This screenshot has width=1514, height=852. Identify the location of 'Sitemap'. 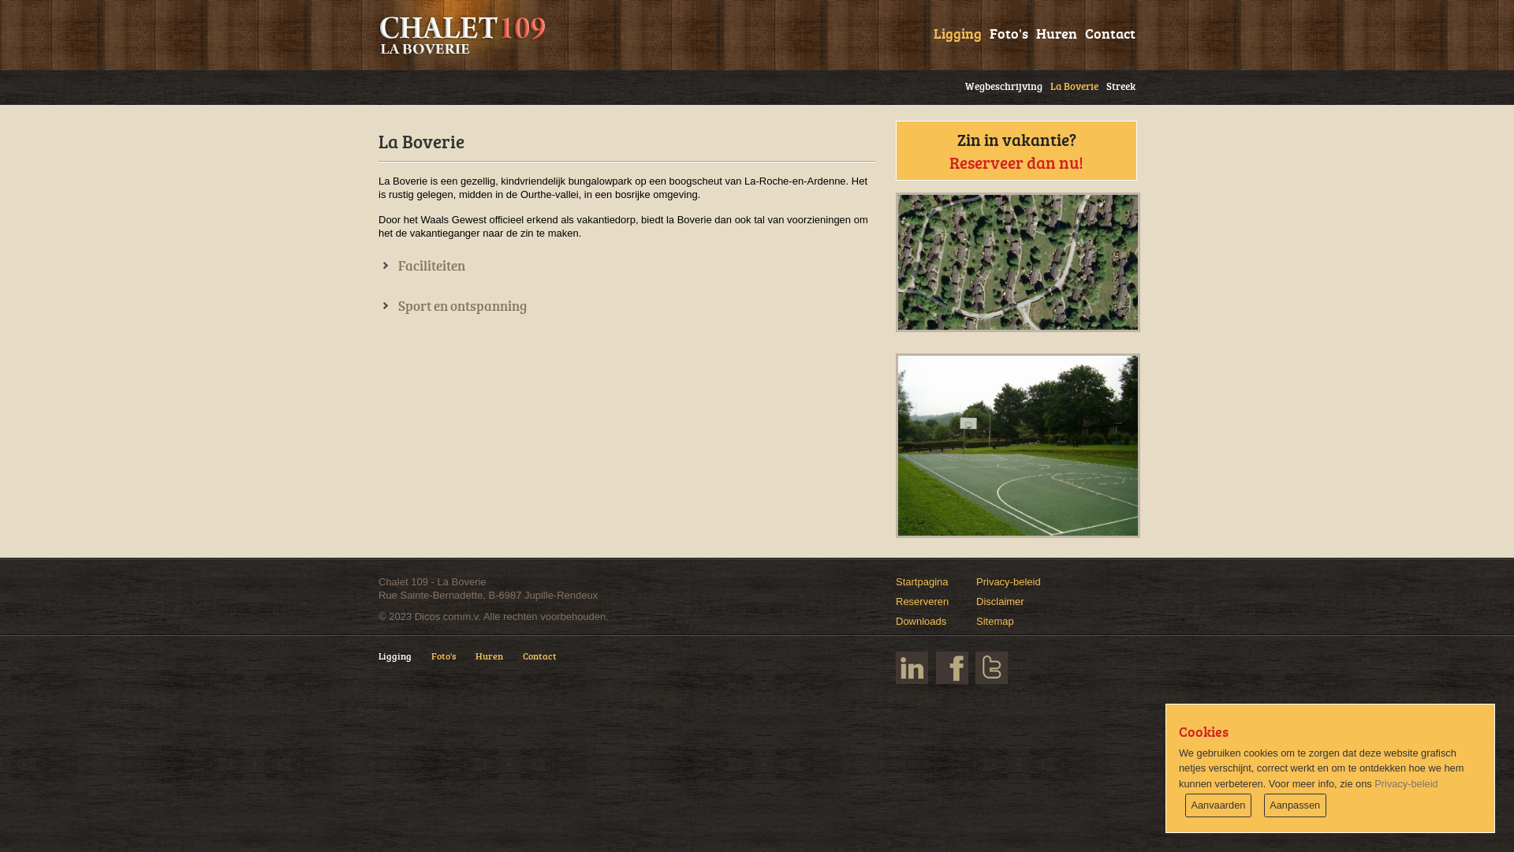
(994, 620).